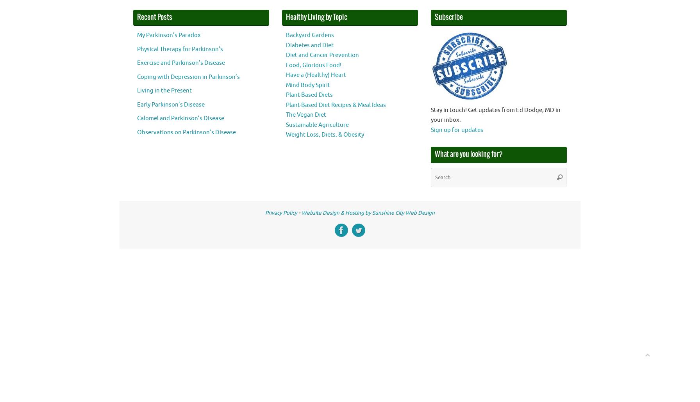 The image size is (700, 402). What do you see at coordinates (285, 55) in the screenshot?
I see `'Diet and Cancer Prevention'` at bounding box center [285, 55].